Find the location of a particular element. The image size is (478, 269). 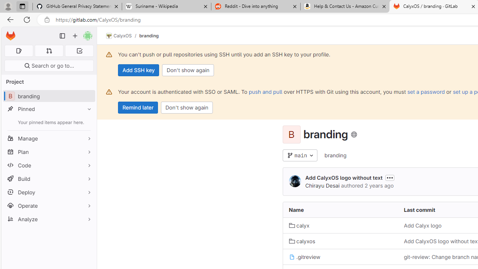

'Toggle commit description' is located at coordinates (389, 177).